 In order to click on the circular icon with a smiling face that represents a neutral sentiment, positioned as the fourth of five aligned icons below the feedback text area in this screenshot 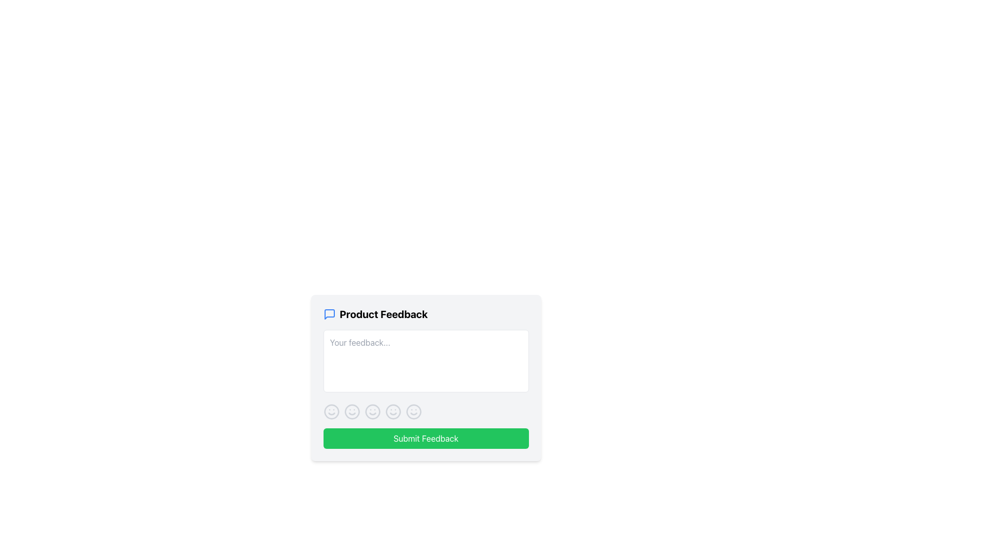, I will do `click(392, 411)`.